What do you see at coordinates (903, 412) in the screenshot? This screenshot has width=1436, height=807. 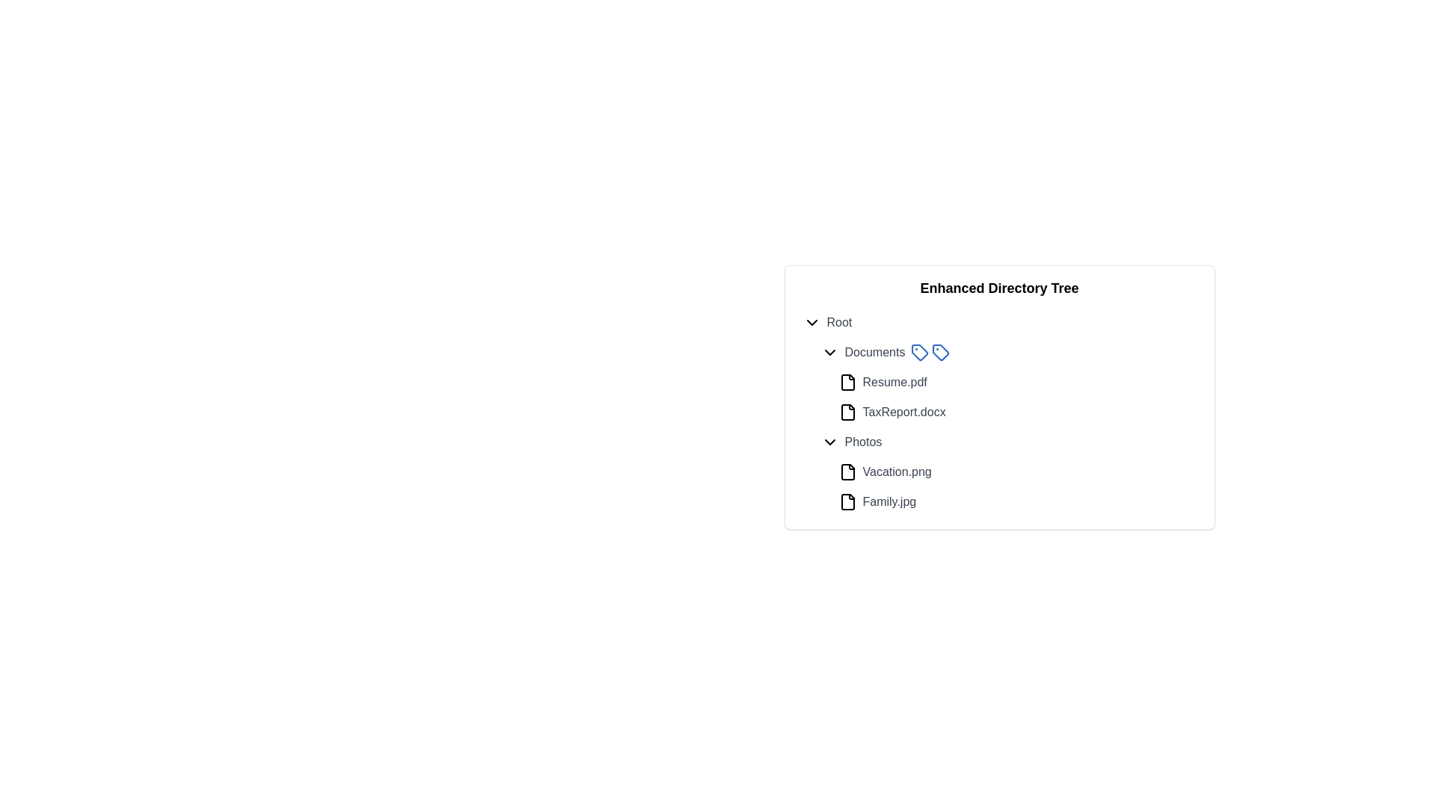 I see `the text label representing the file entry 'TaxReport.docx'` at bounding box center [903, 412].